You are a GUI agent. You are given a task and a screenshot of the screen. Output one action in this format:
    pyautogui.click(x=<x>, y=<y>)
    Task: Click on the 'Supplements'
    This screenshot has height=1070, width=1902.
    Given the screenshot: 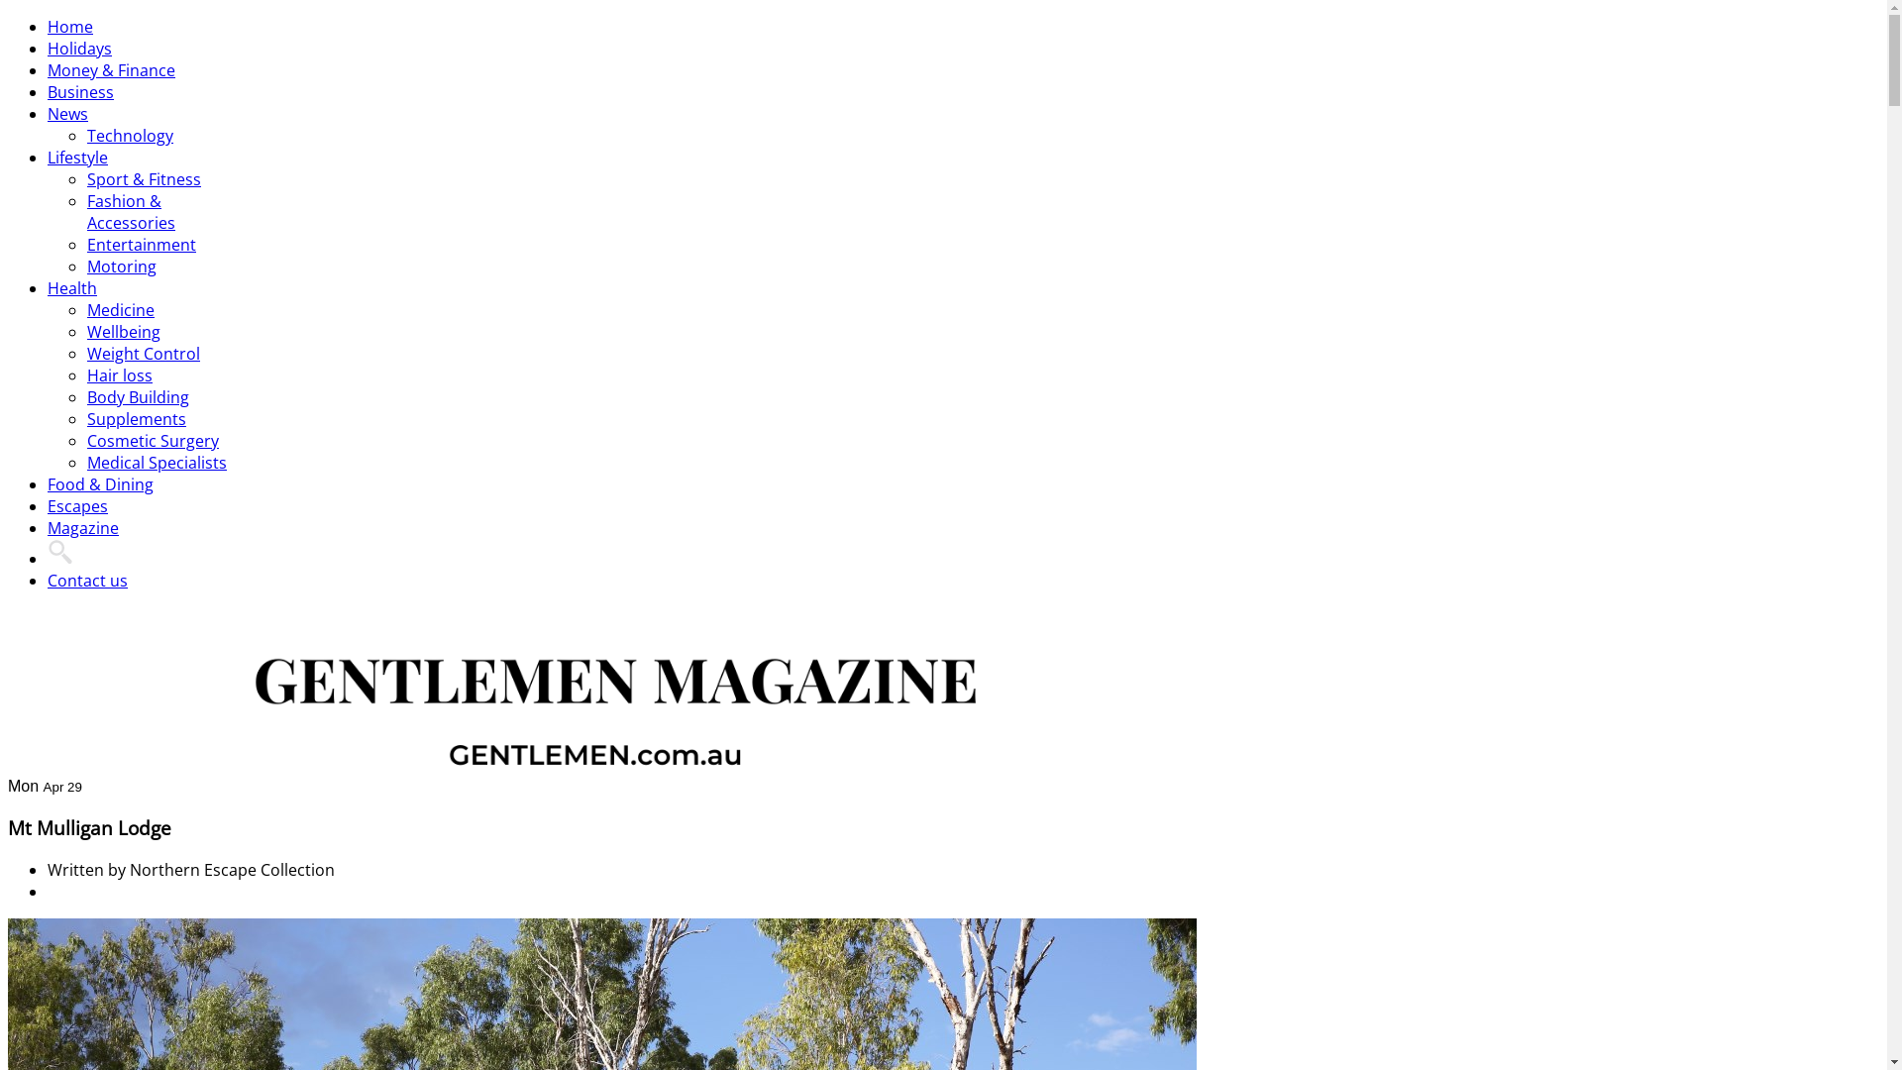 What is the action you would take?
    pyautogui.click(x=136, y=418)
    